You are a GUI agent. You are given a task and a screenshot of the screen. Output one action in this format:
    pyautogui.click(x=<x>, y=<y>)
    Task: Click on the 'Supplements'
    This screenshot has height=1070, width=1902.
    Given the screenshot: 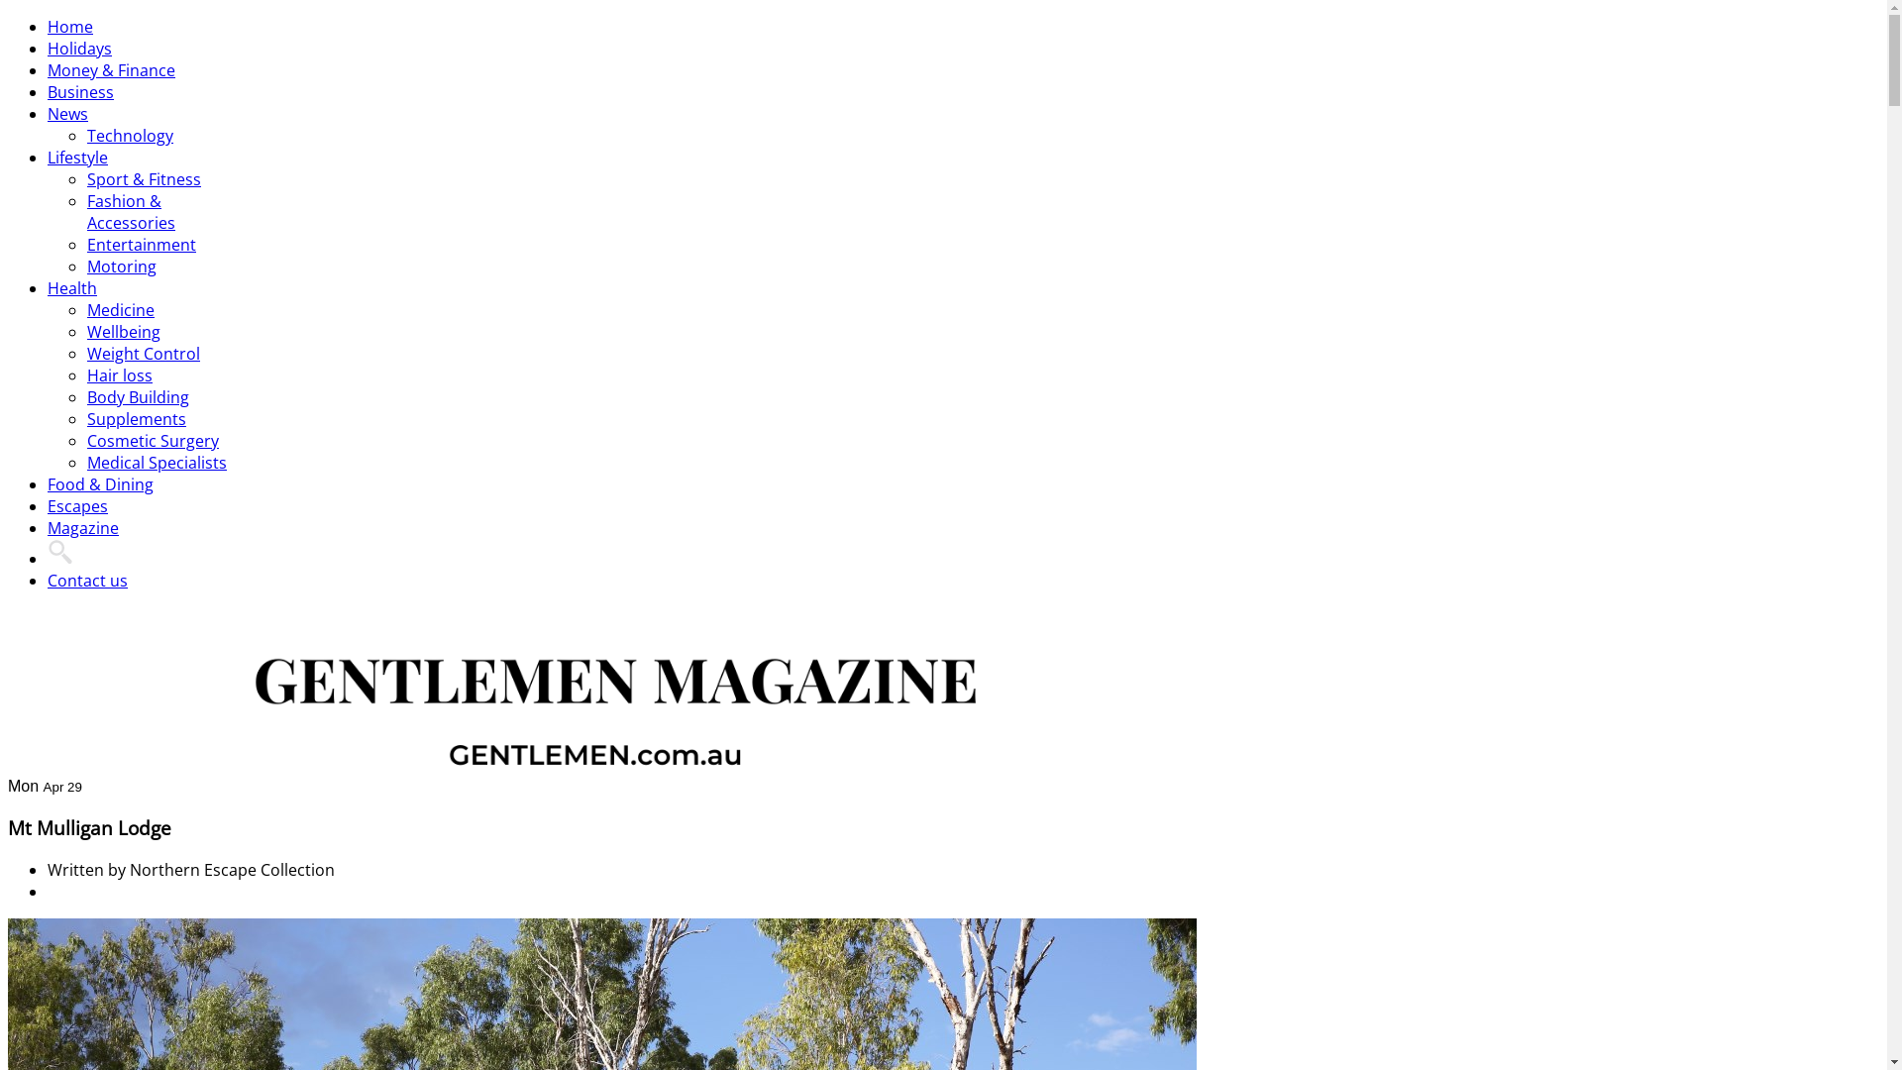 What is the action you would take?
    pyautogui.click(x=136, y=418)
    